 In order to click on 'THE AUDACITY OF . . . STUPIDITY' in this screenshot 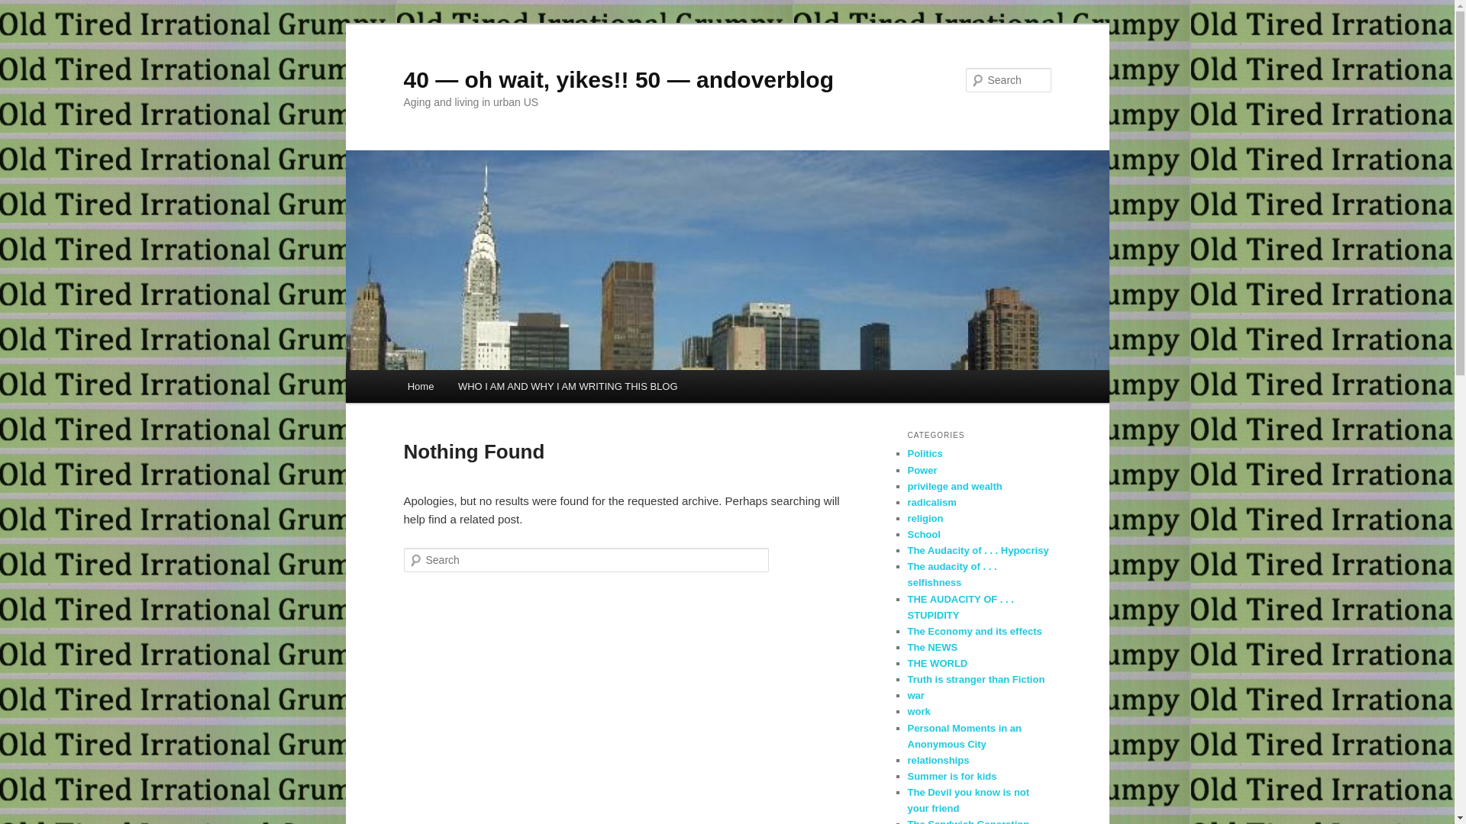, I will do `click(959, 606)`.